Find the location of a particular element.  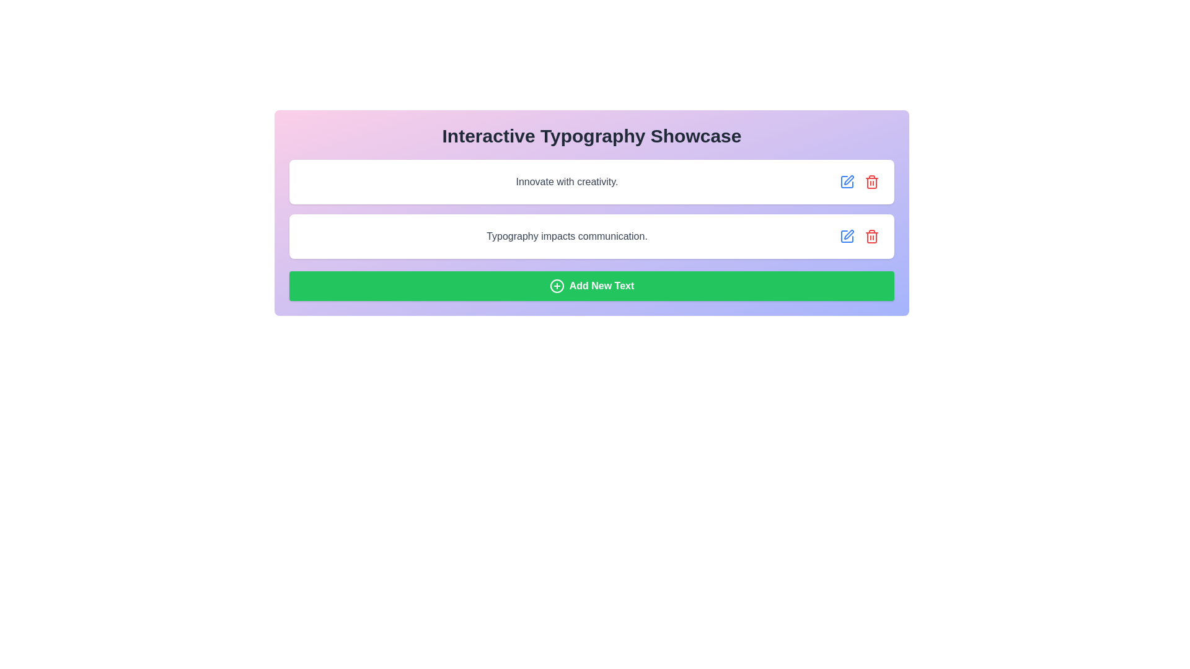

the pen-like icon button located on the right side of the text block labeled 'Typography impacts communication.' is located at coordinates (847, 234).